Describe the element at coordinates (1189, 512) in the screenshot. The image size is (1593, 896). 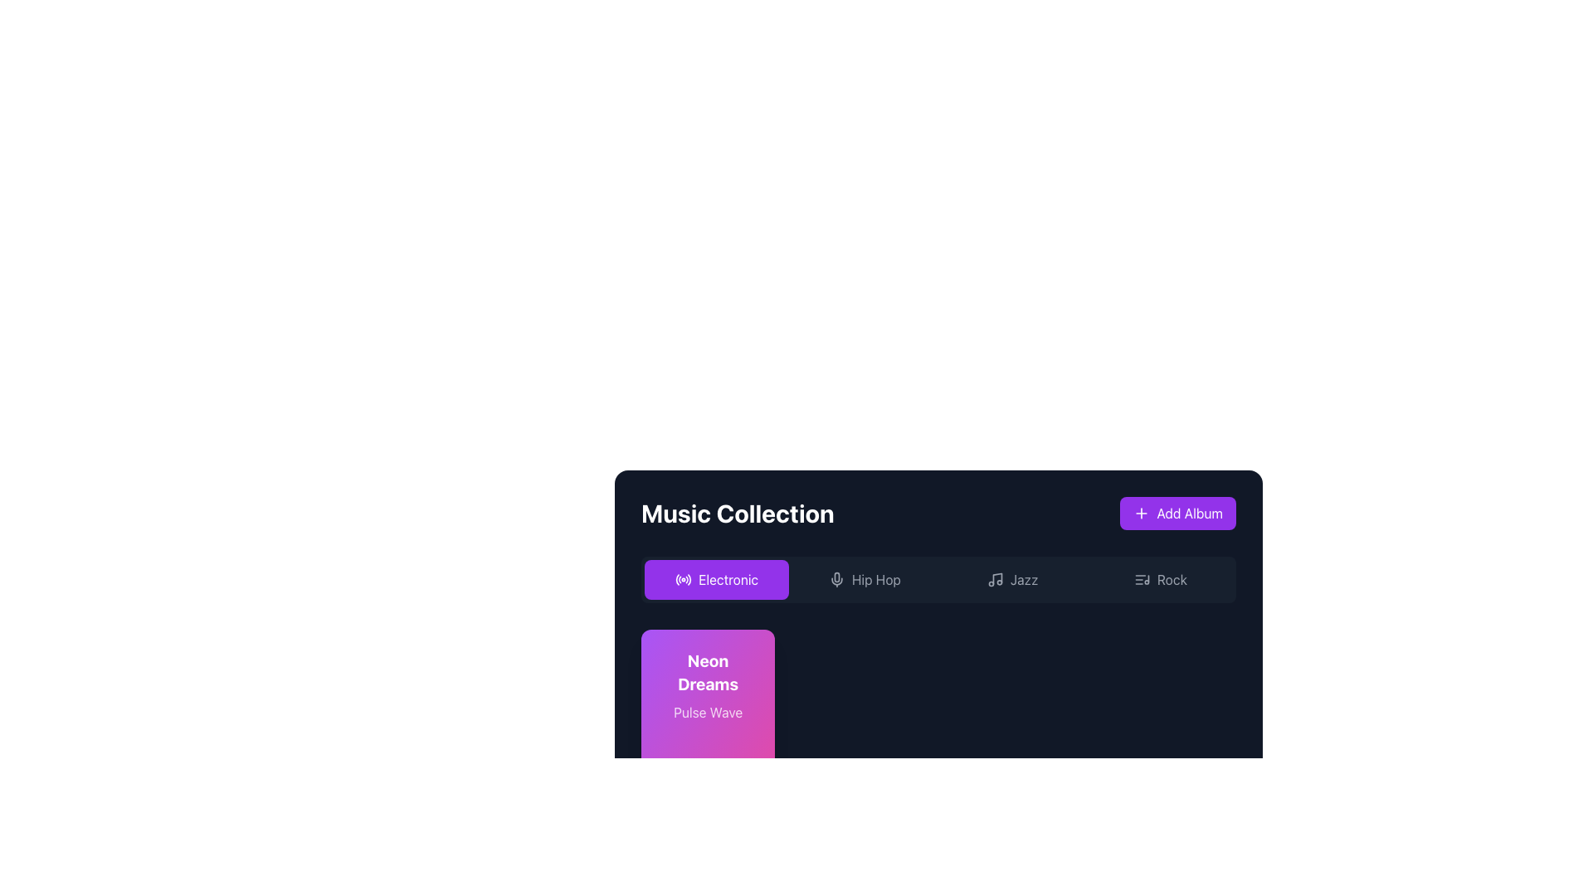
I see `the 'Add Album' label text located in the top-right corner of the interface` at that location.